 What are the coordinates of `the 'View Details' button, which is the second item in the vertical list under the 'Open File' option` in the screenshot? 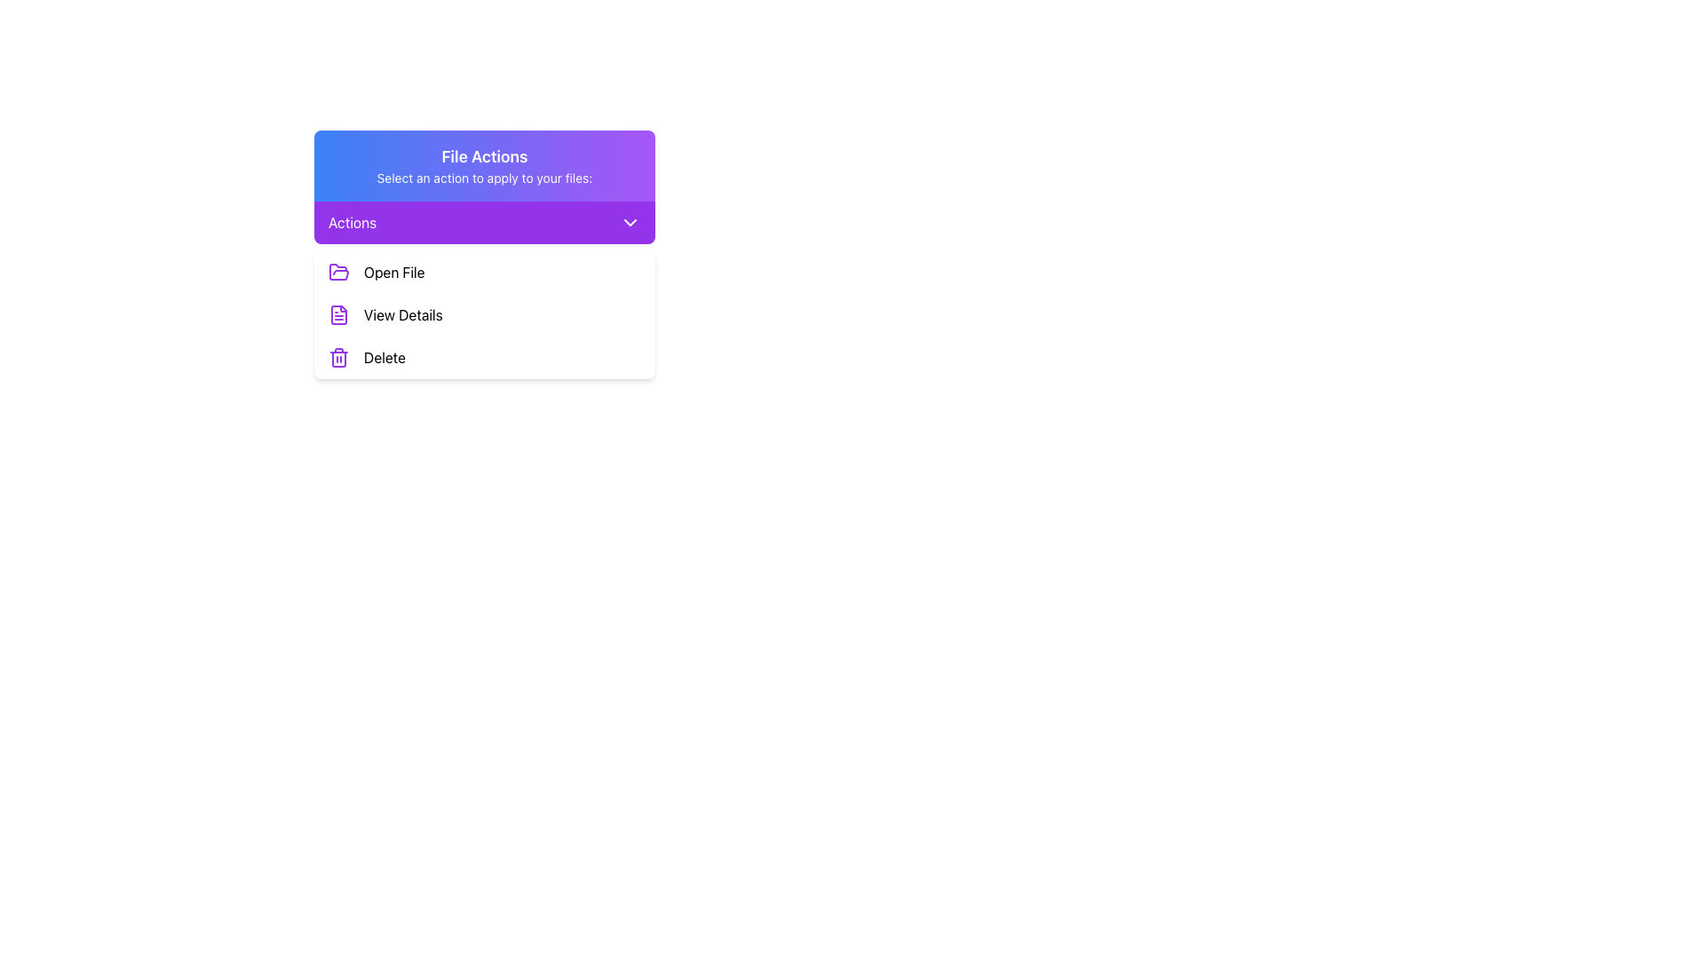 It's located at (402, 313).